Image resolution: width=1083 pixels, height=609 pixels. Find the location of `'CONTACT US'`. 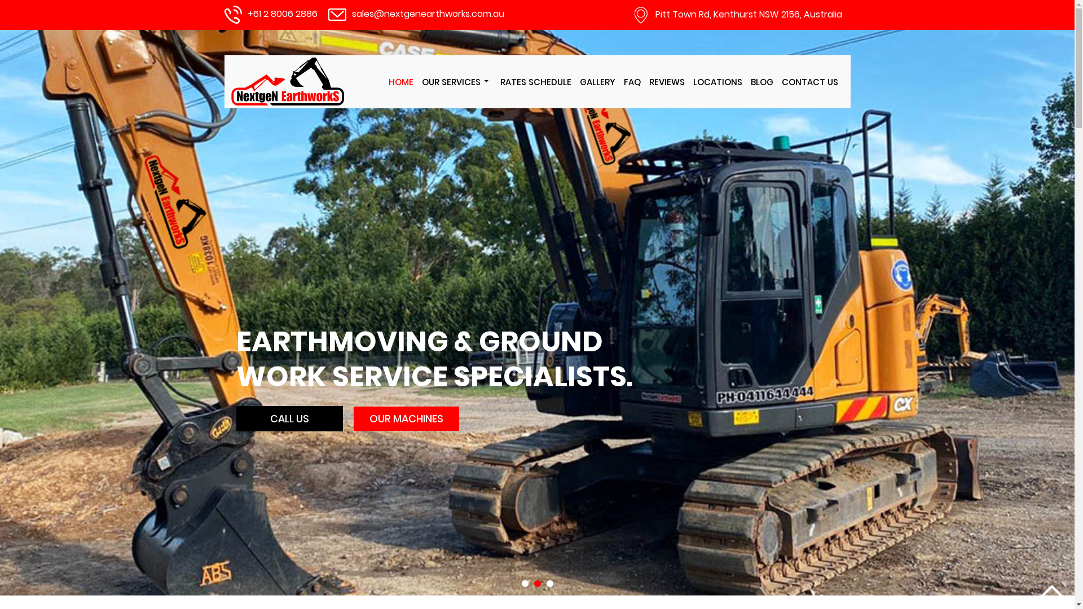

'CONTACT US' is located at coordinates (809, 81).